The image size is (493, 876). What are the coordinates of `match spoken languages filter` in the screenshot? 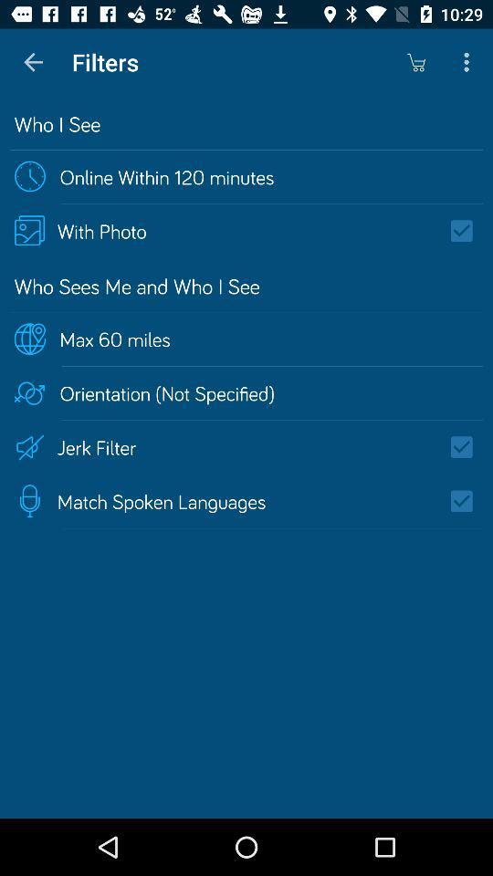 It's located at (467, 501).